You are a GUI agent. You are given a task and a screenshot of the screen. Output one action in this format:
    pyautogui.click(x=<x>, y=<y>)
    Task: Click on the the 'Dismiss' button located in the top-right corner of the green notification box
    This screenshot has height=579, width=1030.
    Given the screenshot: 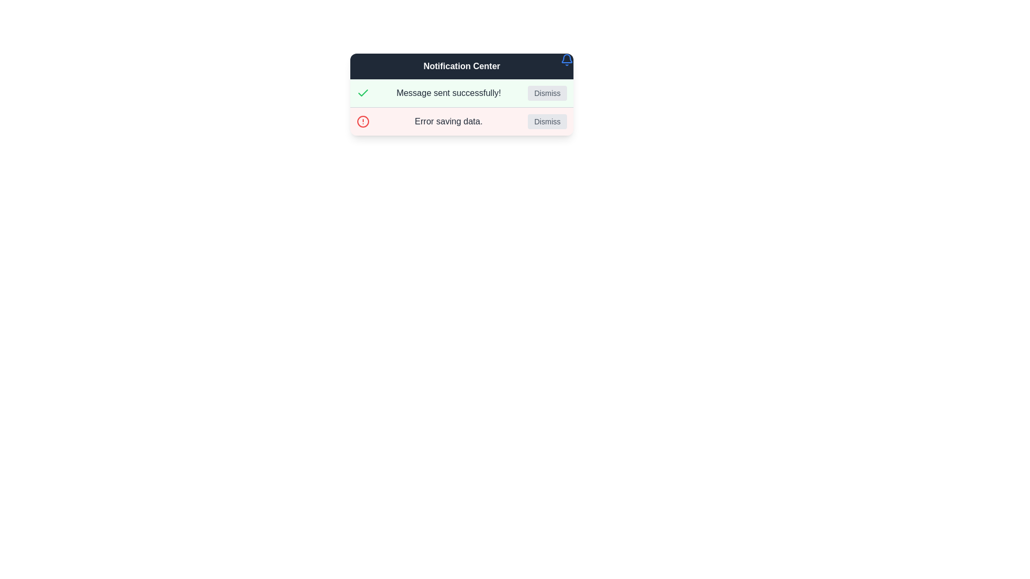 What is the action you would take?
    pyautogui.click(x=547, y=92)
    